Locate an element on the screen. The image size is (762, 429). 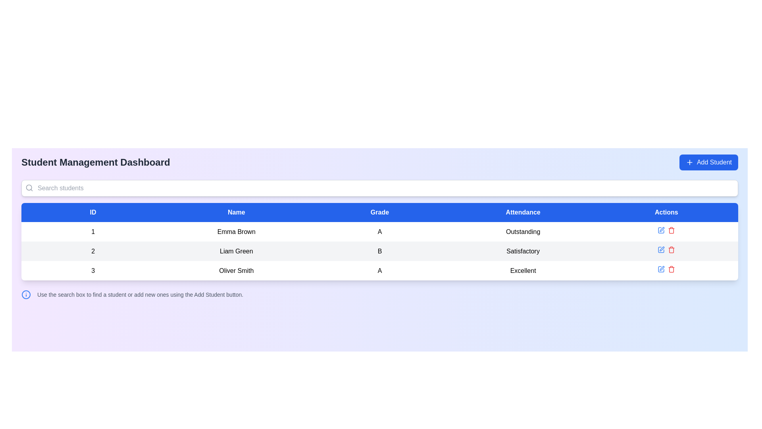
the blue icon button with a pencil graphic located in the second row of the 'Actions' column is located at coordinates (661, 249).